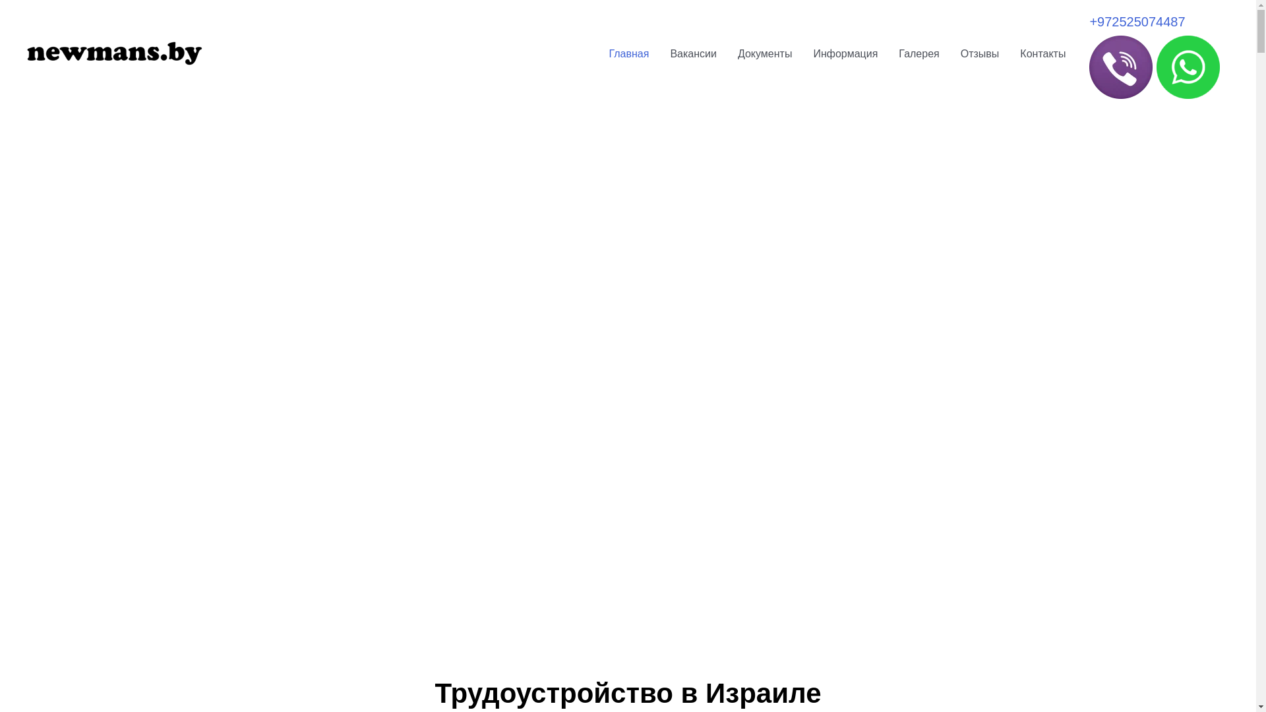 This screenshot has height=712, width=1266. I want to click on '+972525074487', so click(1136, 22).